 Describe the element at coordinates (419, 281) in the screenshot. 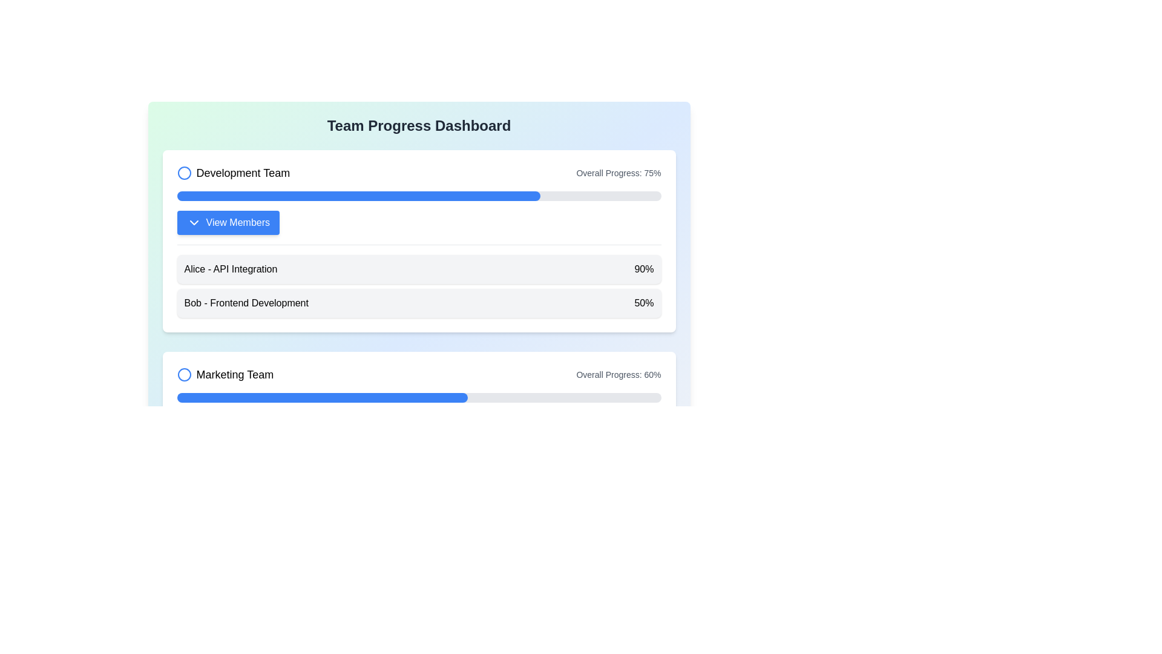

I see `individual rows in the List of information entries displaying team members' progress details` at that location.